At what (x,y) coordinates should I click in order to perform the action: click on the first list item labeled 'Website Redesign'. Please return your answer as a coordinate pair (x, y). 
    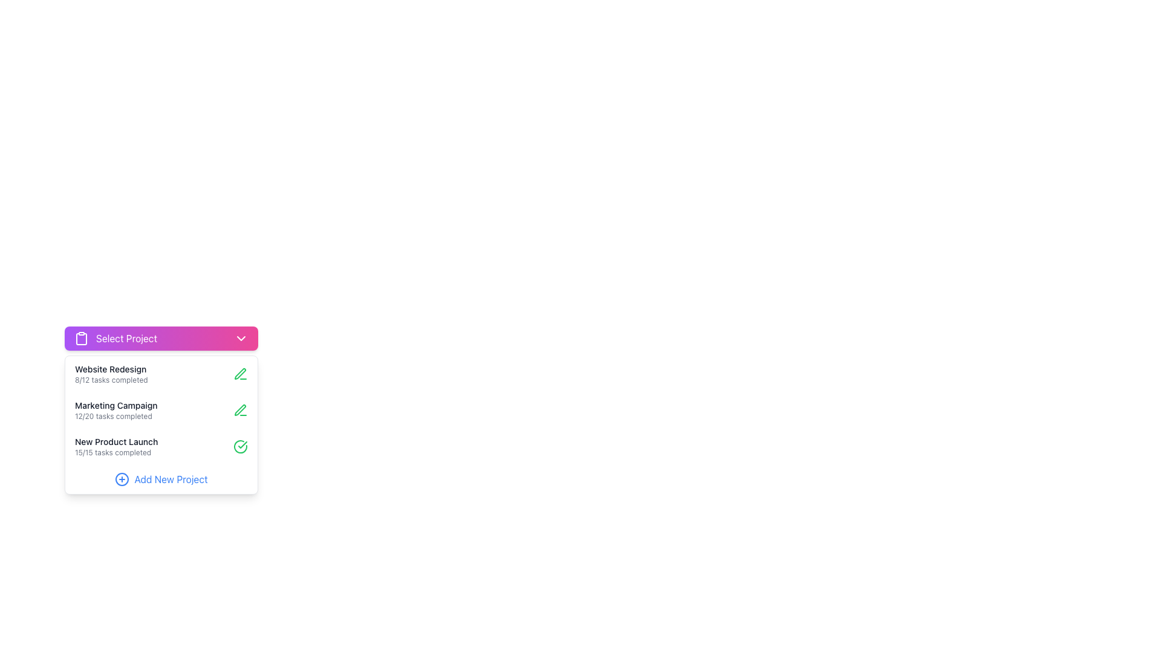
    Looking at the image, I should click on (161, 373).